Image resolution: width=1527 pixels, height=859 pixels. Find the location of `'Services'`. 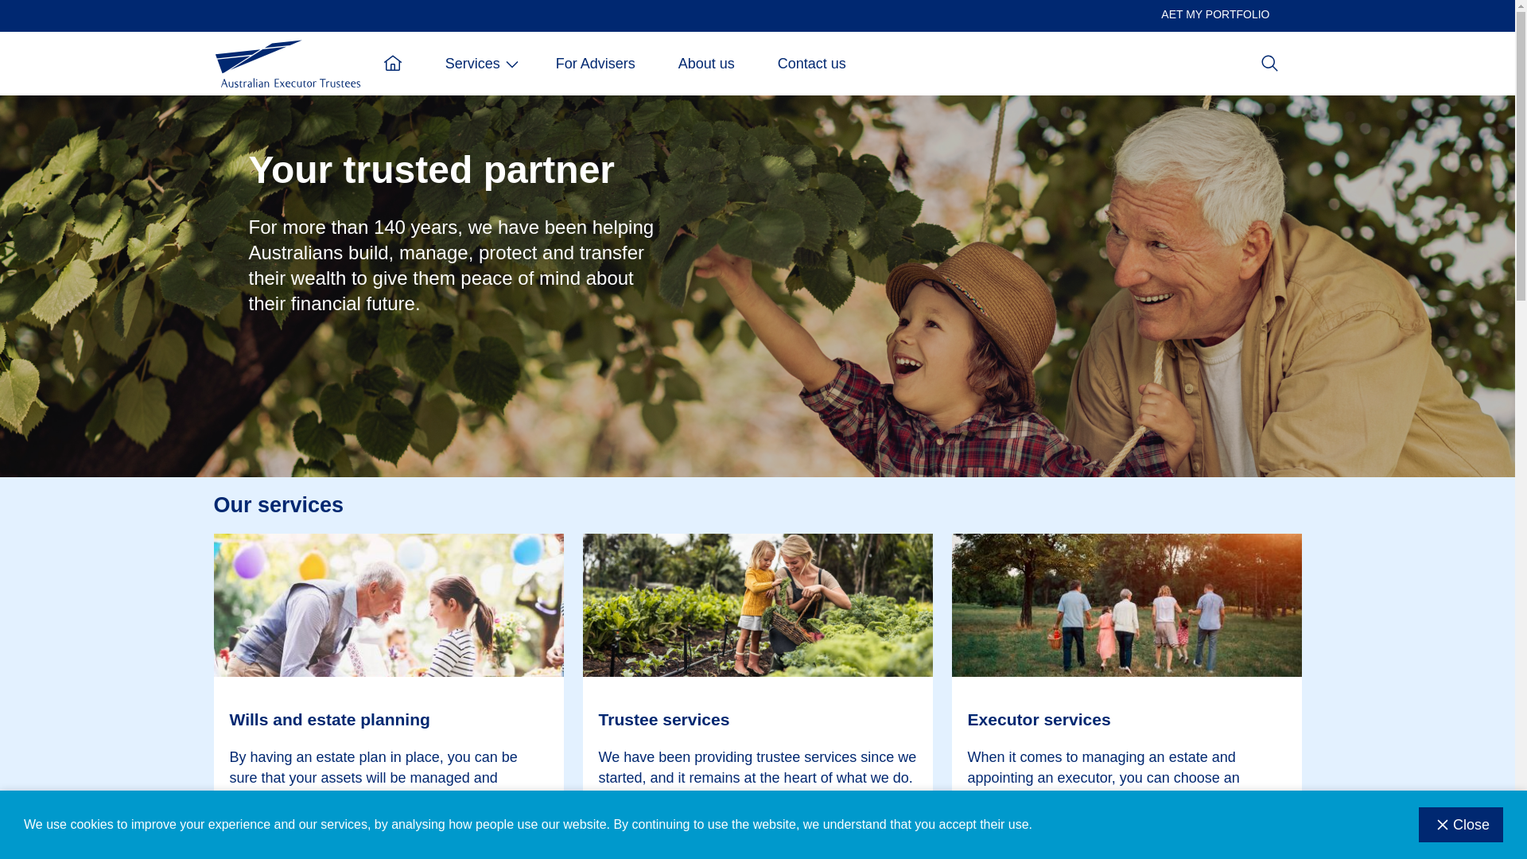

'Services' is located at coordinates (423, 63).